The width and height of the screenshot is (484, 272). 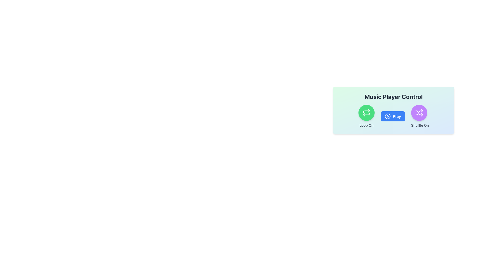 I want to click on text label indicating the current status of the loop control, which displays 'On', positioned below the circular loop icon, so click(x=366, y=125).